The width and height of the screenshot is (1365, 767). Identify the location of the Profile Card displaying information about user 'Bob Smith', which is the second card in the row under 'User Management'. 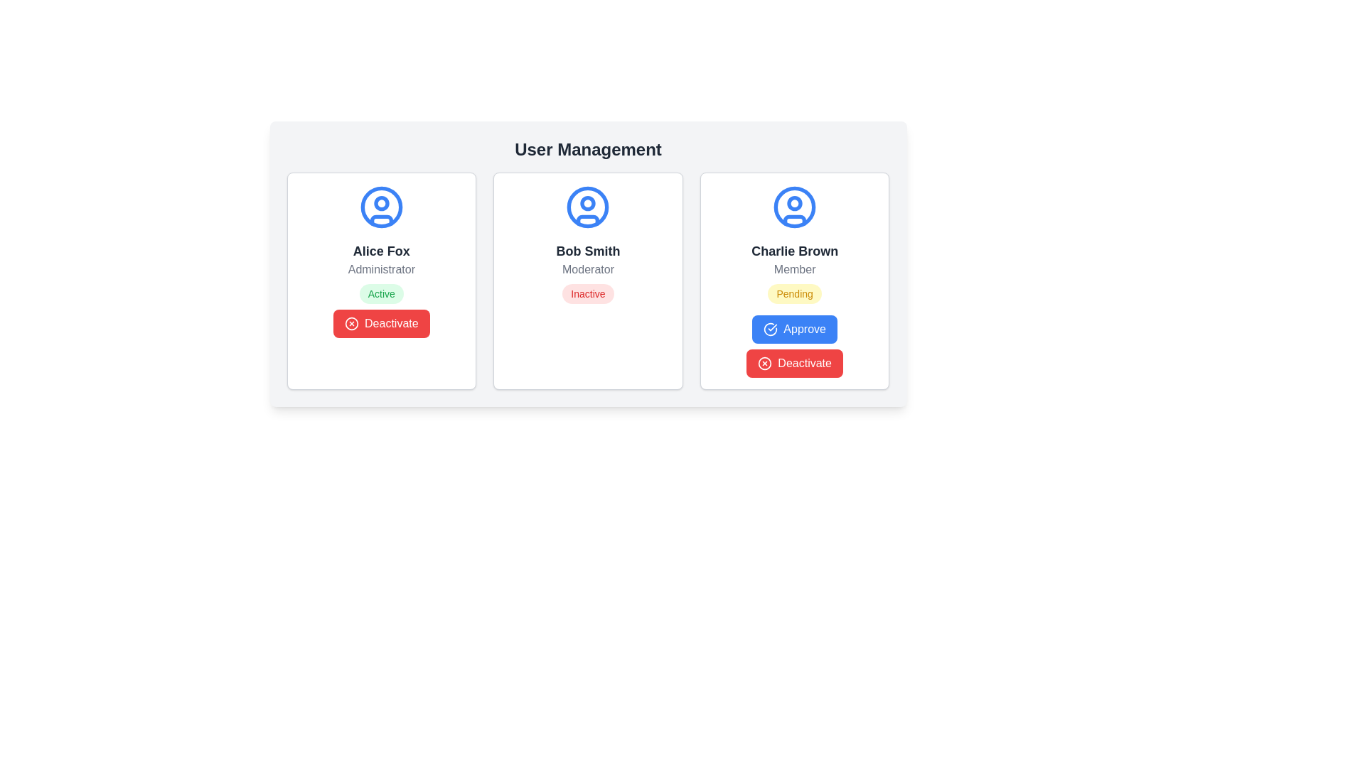
(588, 263).